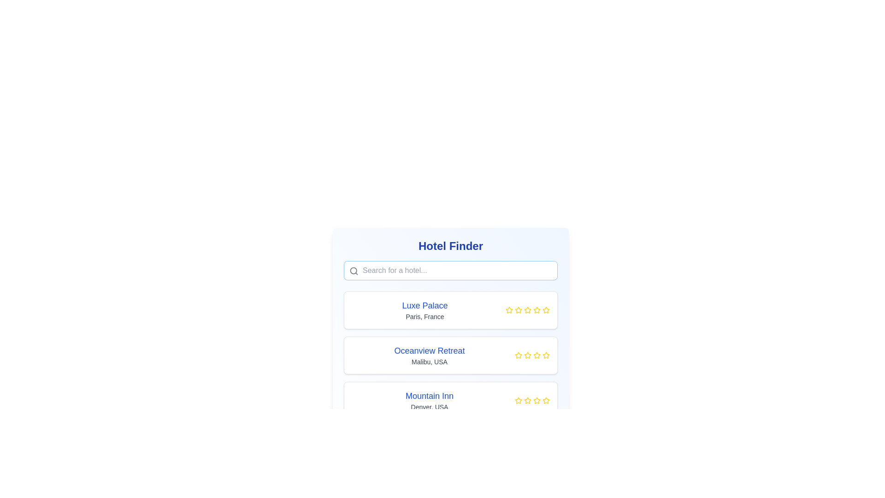  I want to click on the second yellow star in the star rating component under the 'Mountain Inn' hotel entry, so click(528, 400).